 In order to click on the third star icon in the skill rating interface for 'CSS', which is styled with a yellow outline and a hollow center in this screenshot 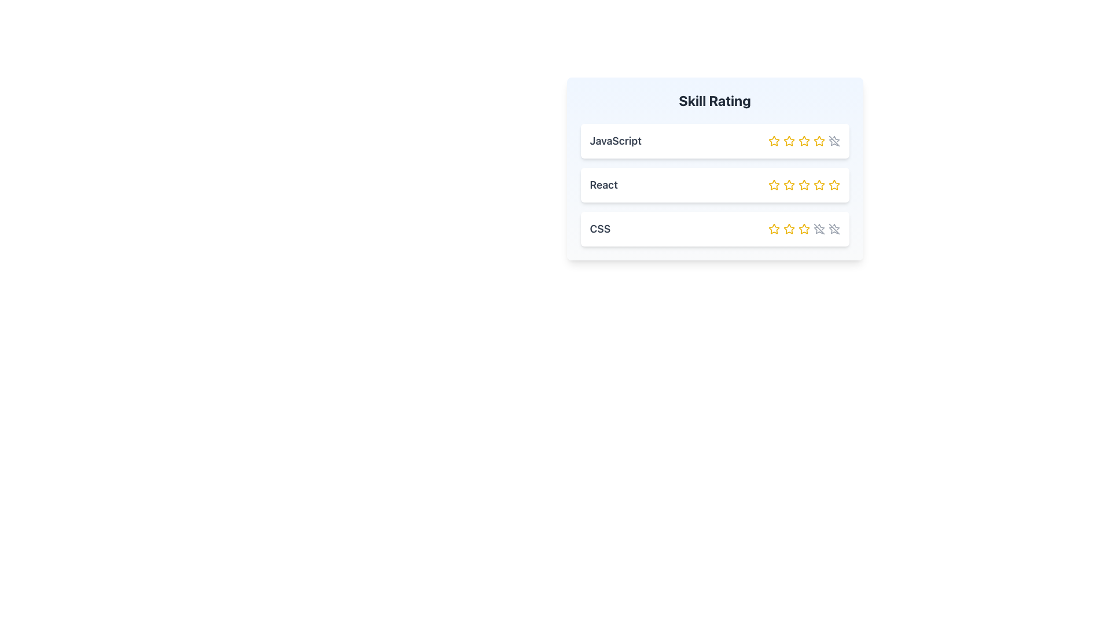, I will do `click(788, 229)`.